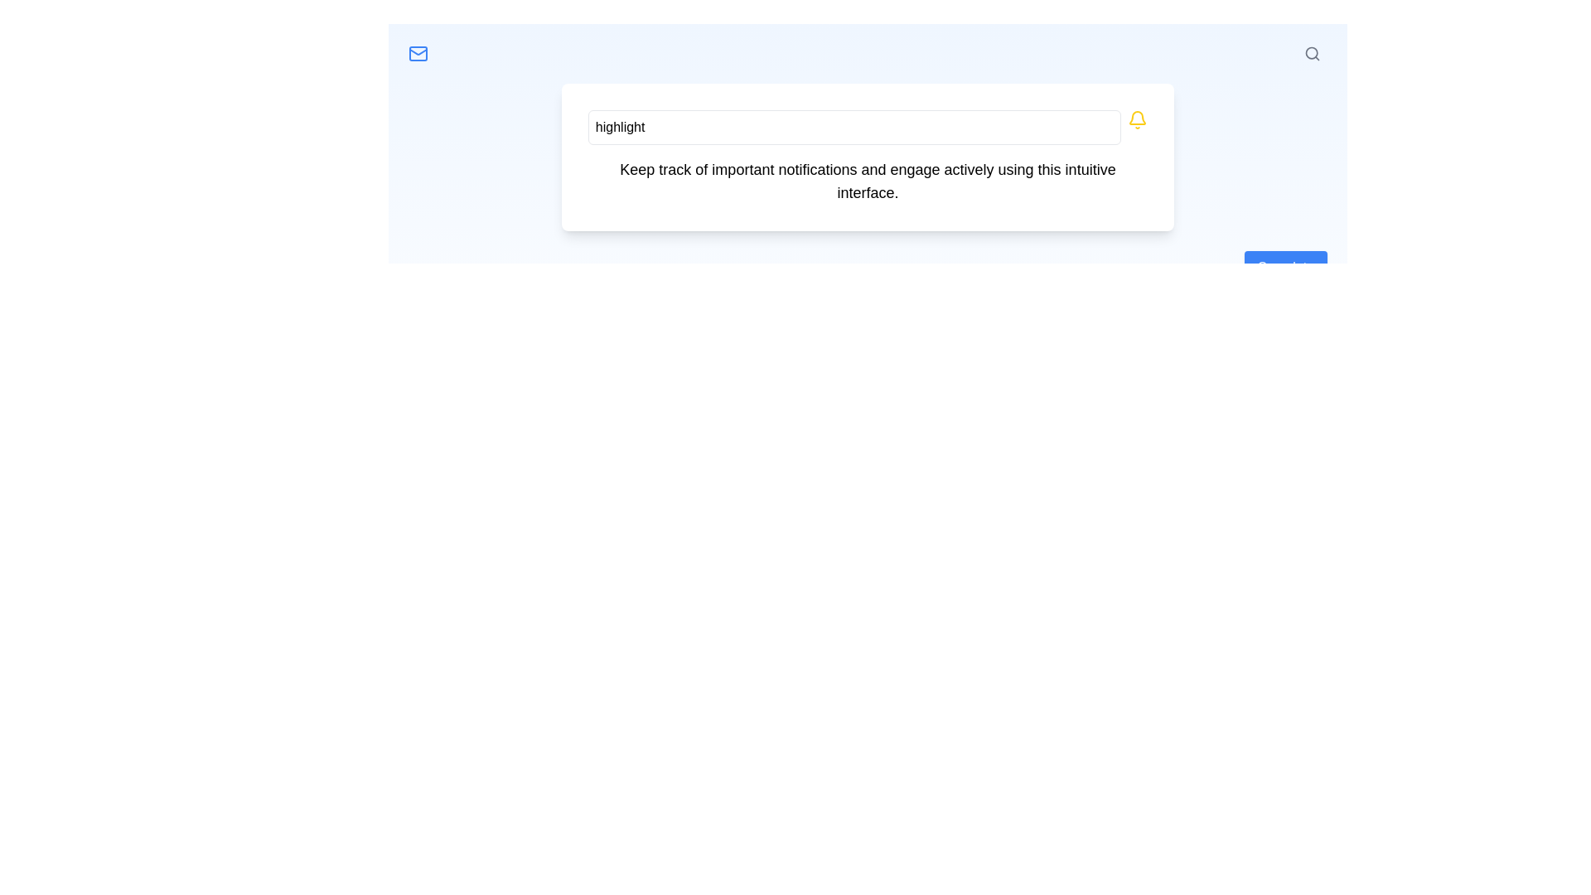  Describe the element at coordinates (1137, 117) in the screenshot. I see `the yellow notification bell icon located on the right side of the interface near the top bar` at that location.